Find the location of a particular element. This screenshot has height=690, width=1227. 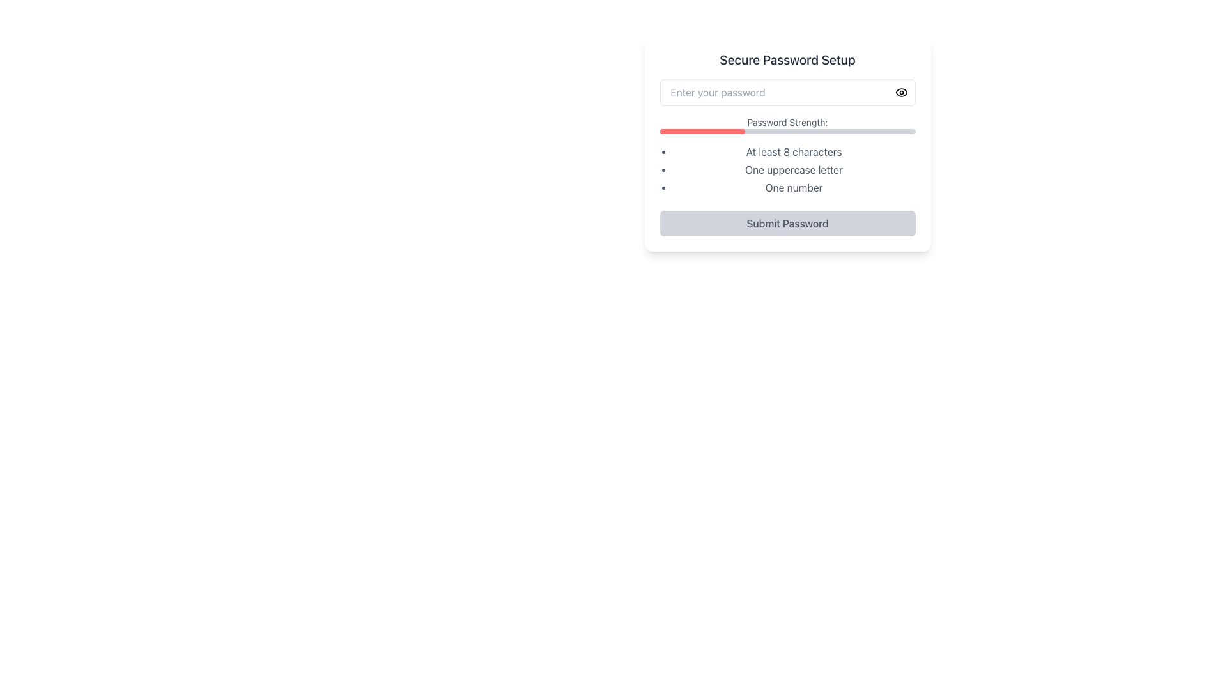

the left-most segment of the password strength progress bar, which visually indicates the current password strength is located at coordinates (702, 131).